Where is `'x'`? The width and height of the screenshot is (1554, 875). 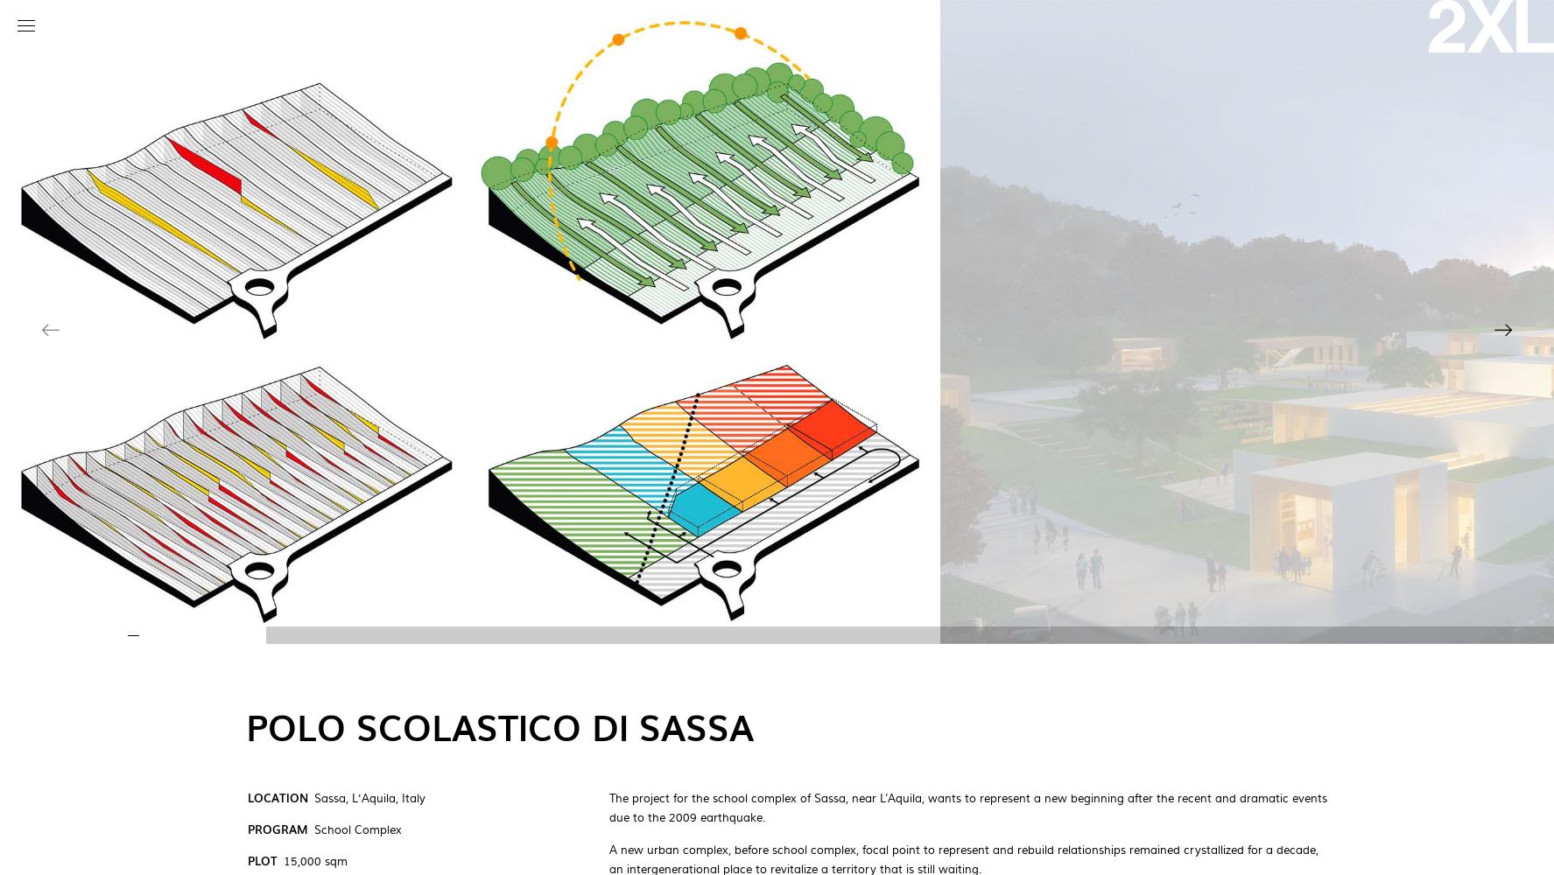 'x' is located at coordinates (1130, 757).